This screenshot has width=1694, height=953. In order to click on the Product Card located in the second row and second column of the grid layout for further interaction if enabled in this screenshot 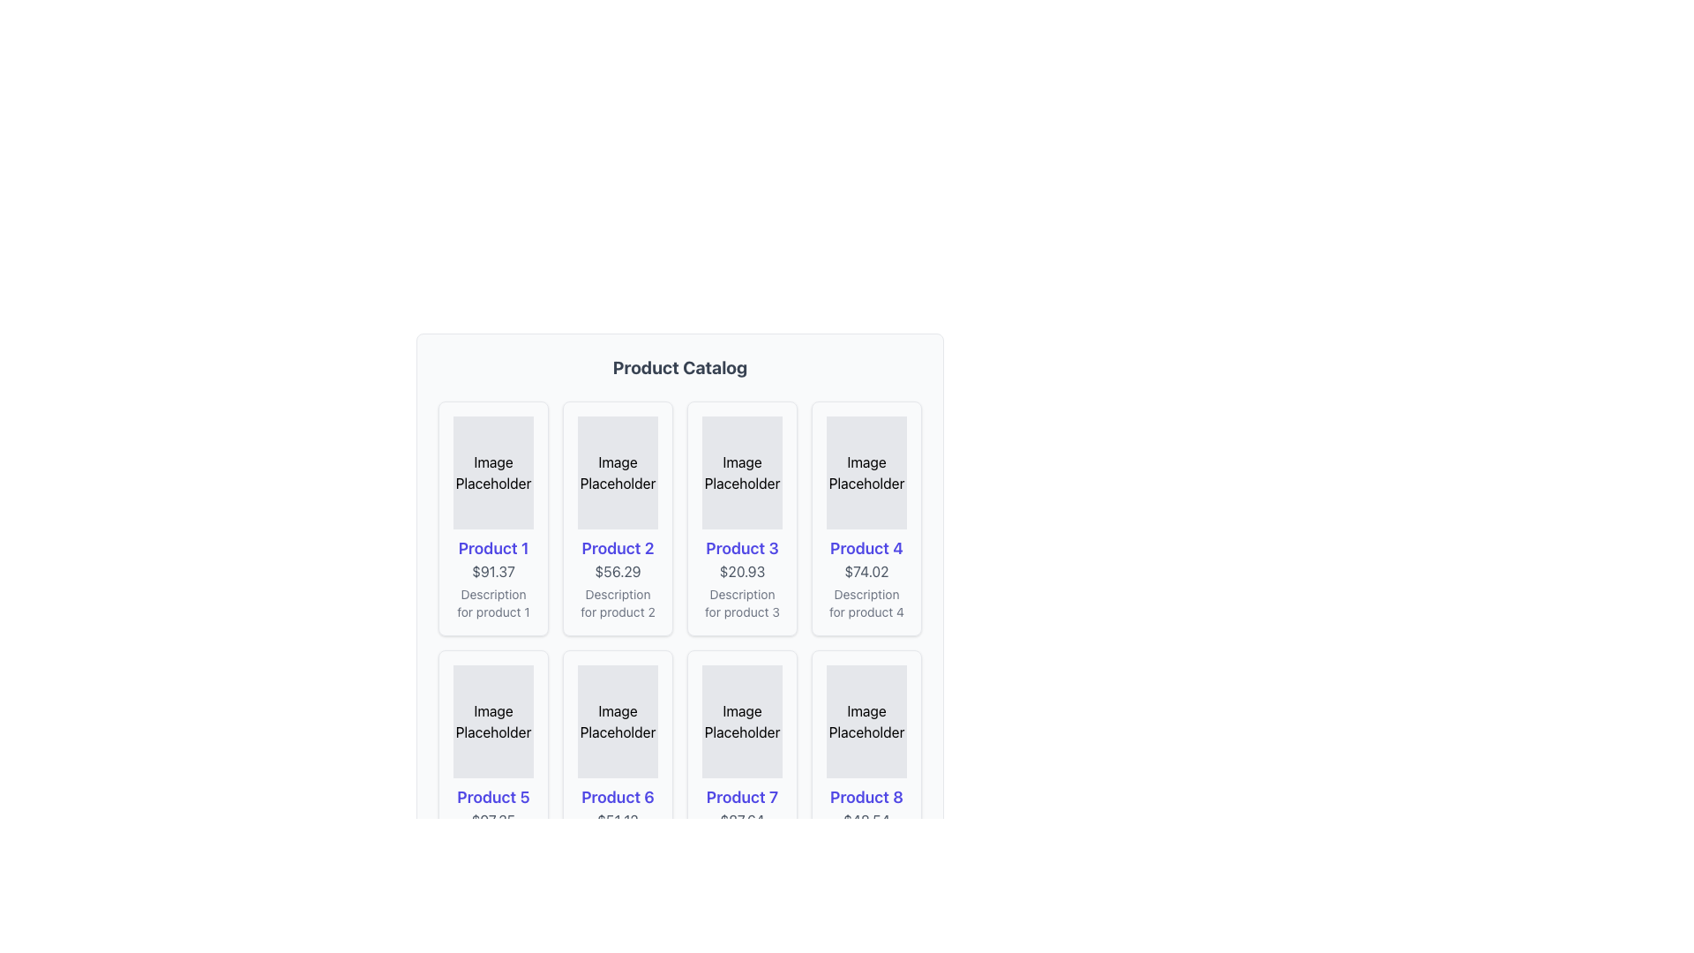, I will do `click(618, 767)`.